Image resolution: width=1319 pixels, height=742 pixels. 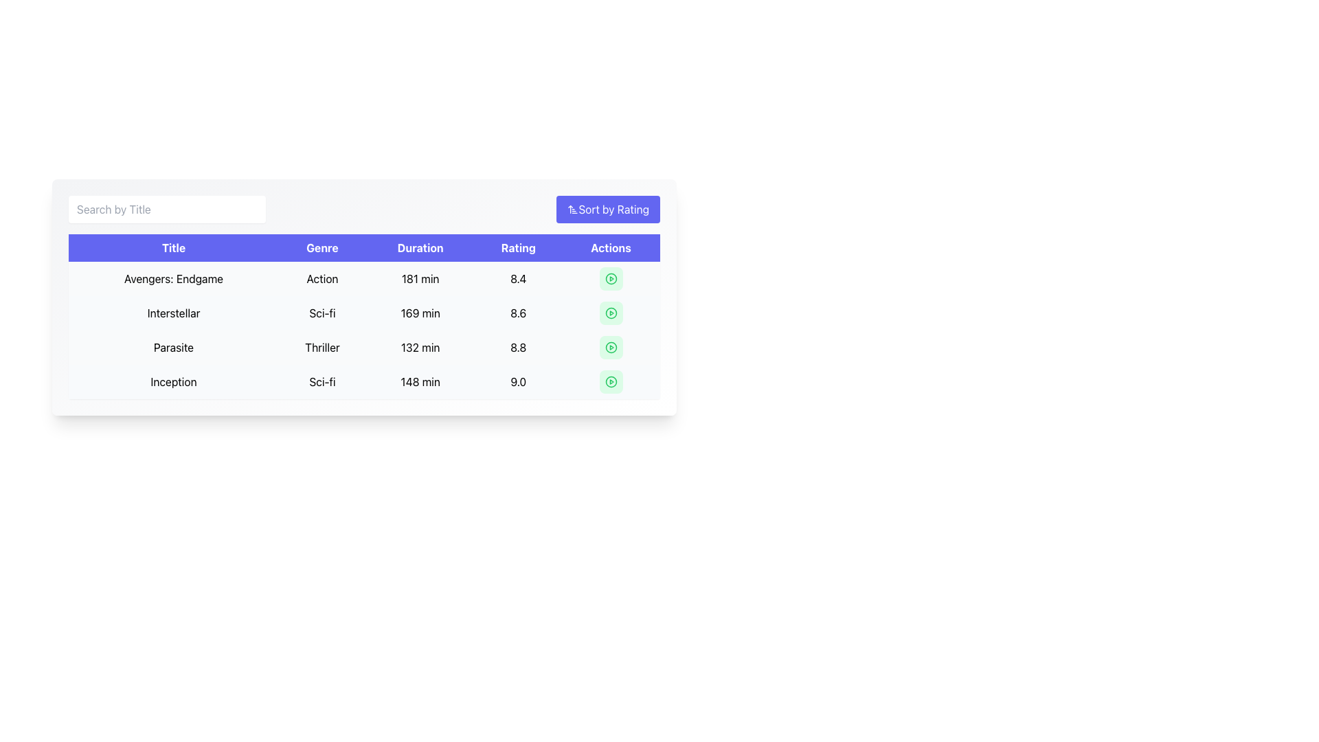 What do you see at coordinates (173, 278) in the screenshot?
I see `the text label displaying 'Avengers: Endgame' in bold black font, located in the first row of the table under the 'Title' column` at bounding box center [173, 278].